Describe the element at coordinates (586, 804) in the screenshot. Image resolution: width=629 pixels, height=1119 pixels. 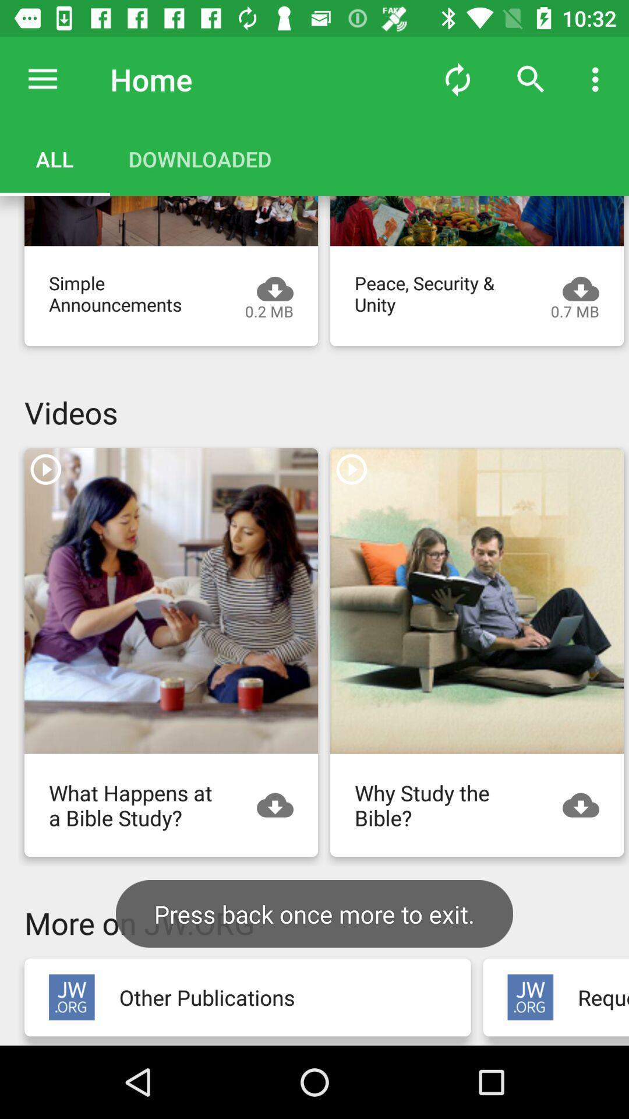
I see `download video` at that location.